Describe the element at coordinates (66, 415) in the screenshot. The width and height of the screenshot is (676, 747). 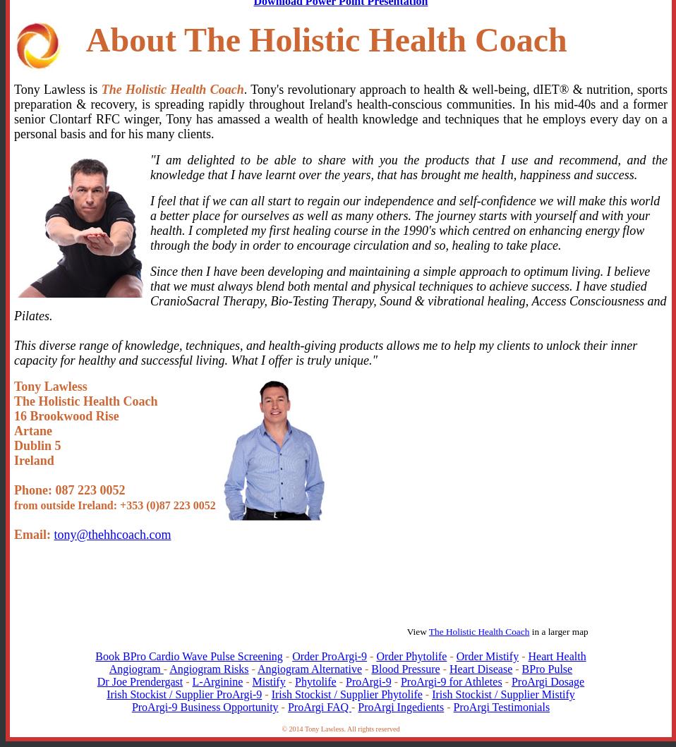
I see `'16 Brookwood Rise'` at that location.